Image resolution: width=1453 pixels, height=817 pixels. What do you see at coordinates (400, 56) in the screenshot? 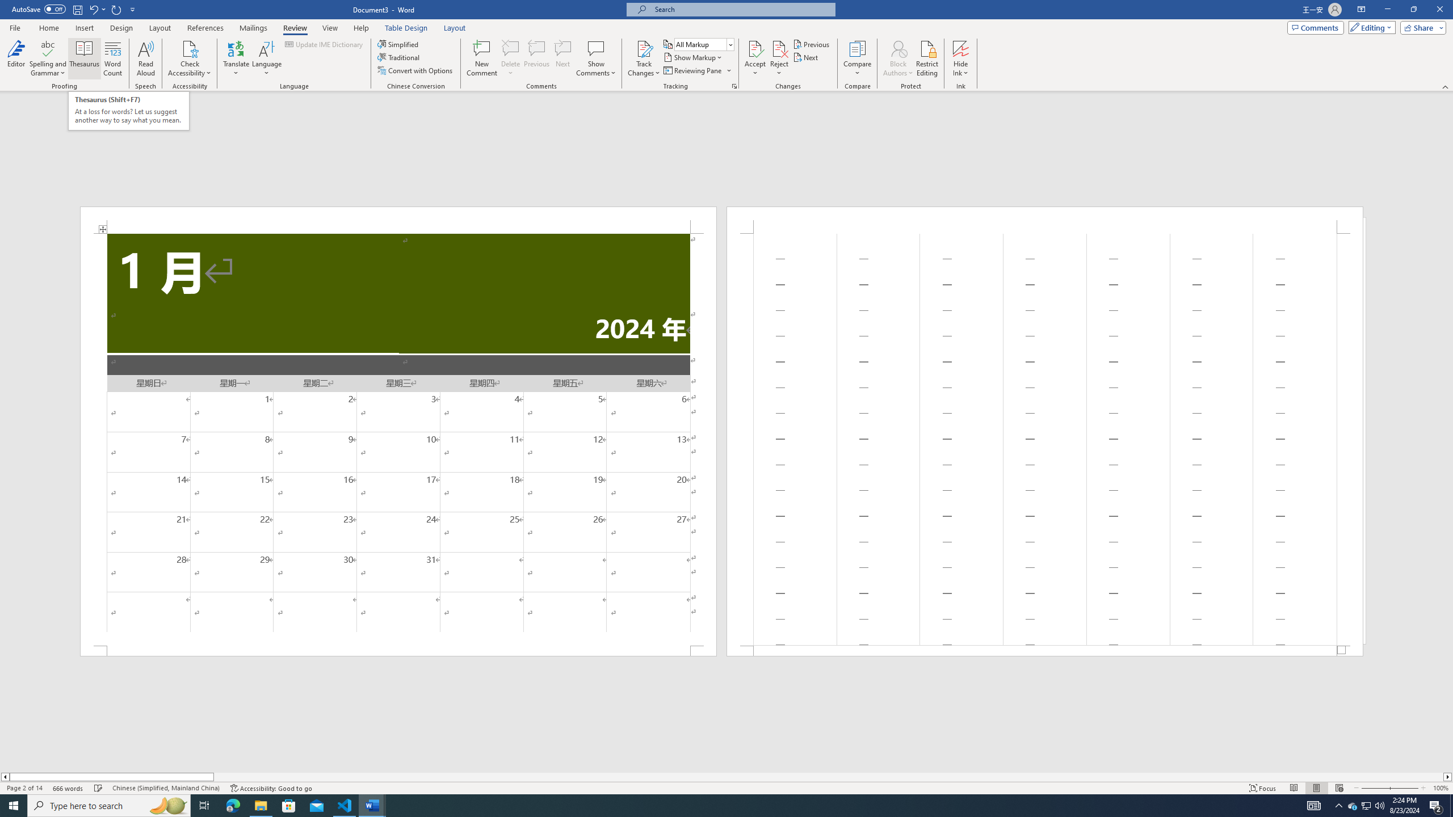
I see `'Traditional'` at bounding box center [400, 56].